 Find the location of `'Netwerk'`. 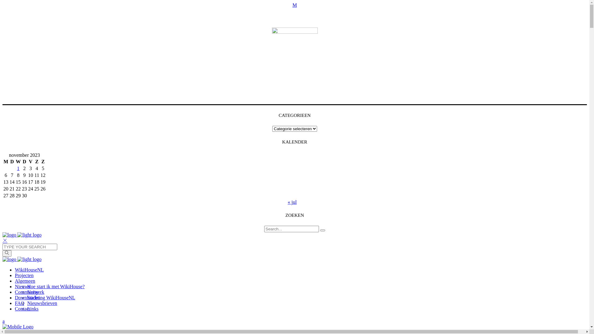

'Netwerk' is located at coordinates (35, 292).